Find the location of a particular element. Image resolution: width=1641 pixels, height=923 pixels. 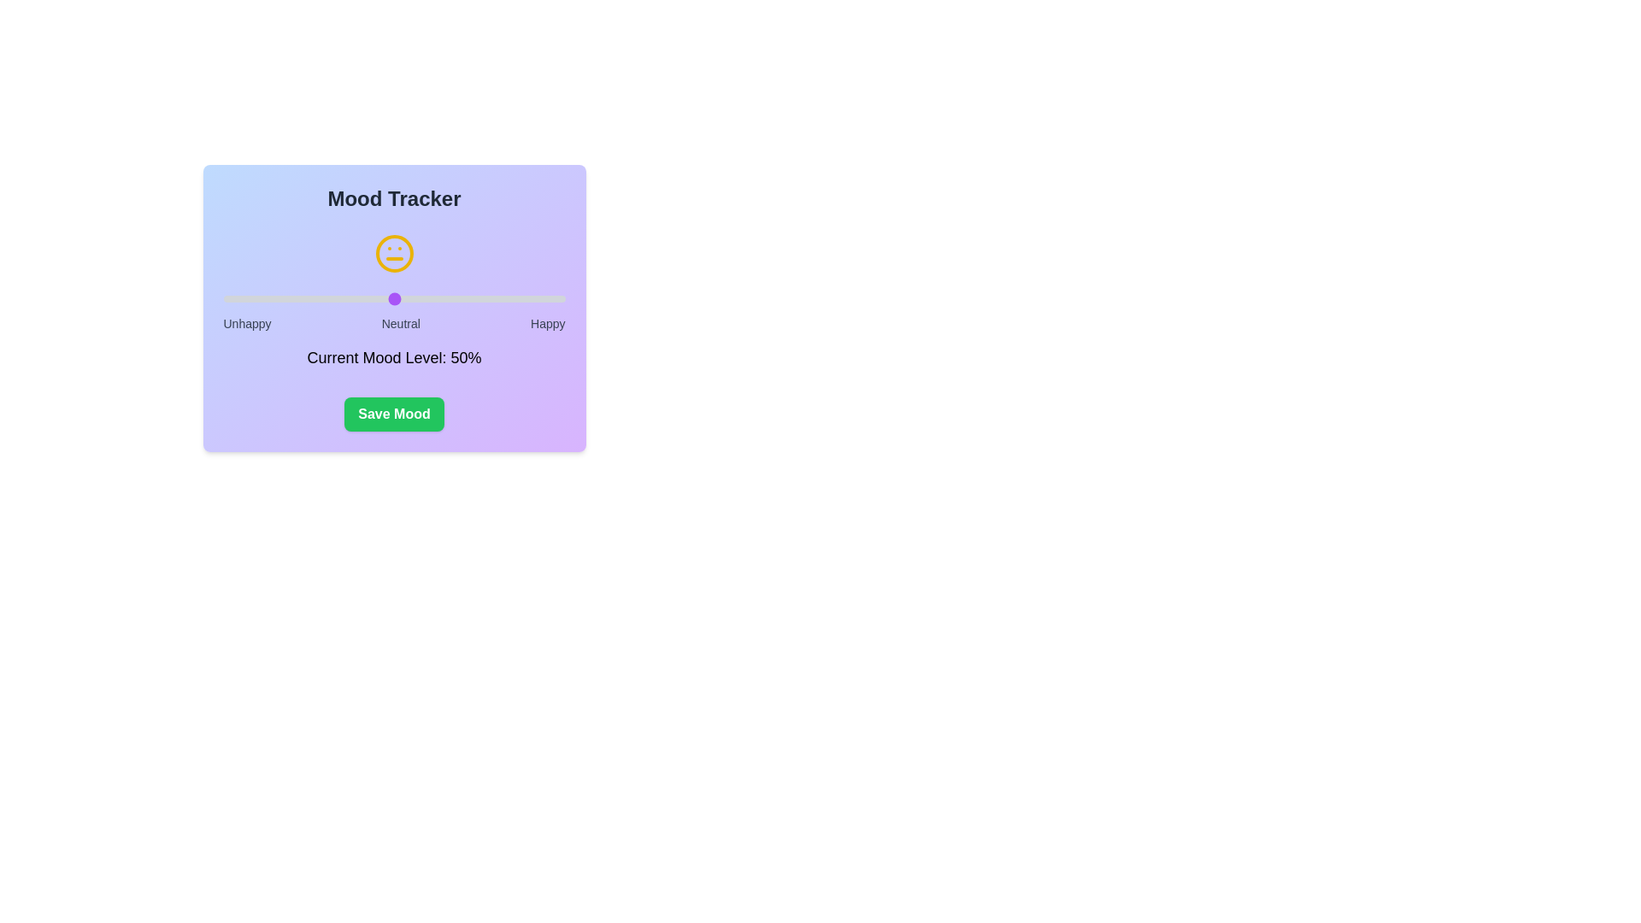

the mood slider to set the mood level to 63% is located at coordinates (438, 298).